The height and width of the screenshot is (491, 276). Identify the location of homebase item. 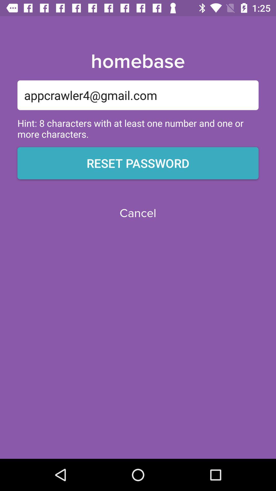
(137, 61).